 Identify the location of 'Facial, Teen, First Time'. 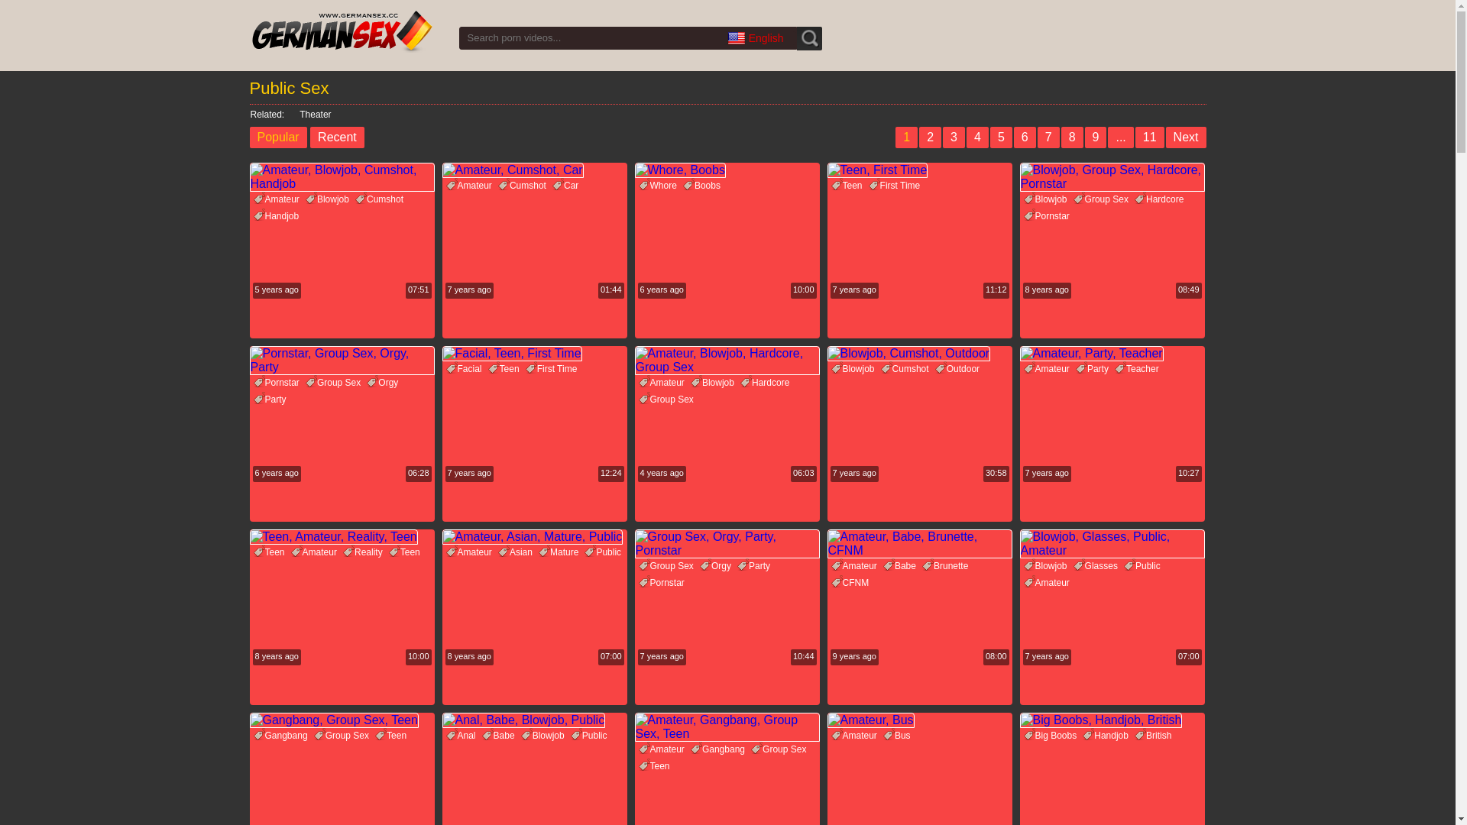
(534, 353).